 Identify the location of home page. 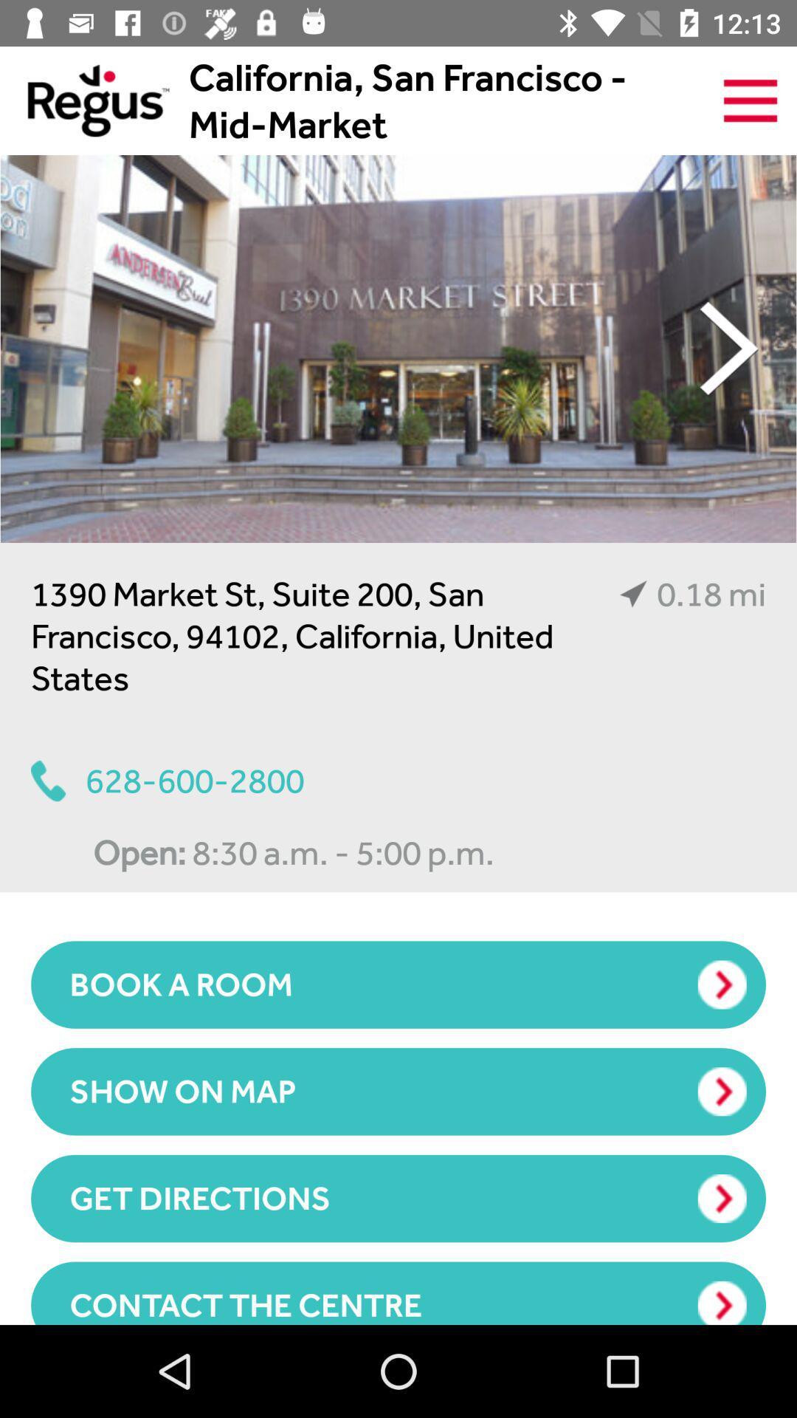
(84, 100).